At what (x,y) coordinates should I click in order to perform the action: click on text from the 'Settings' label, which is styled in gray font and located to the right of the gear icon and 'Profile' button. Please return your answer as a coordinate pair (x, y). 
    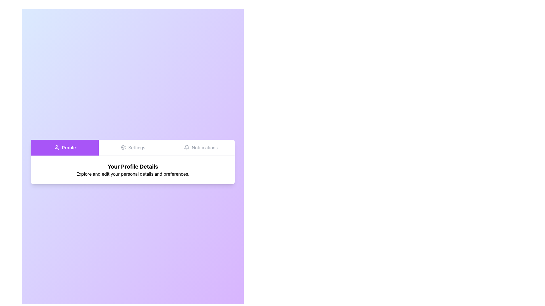
    Looking at the image, I should click on (137, 147).